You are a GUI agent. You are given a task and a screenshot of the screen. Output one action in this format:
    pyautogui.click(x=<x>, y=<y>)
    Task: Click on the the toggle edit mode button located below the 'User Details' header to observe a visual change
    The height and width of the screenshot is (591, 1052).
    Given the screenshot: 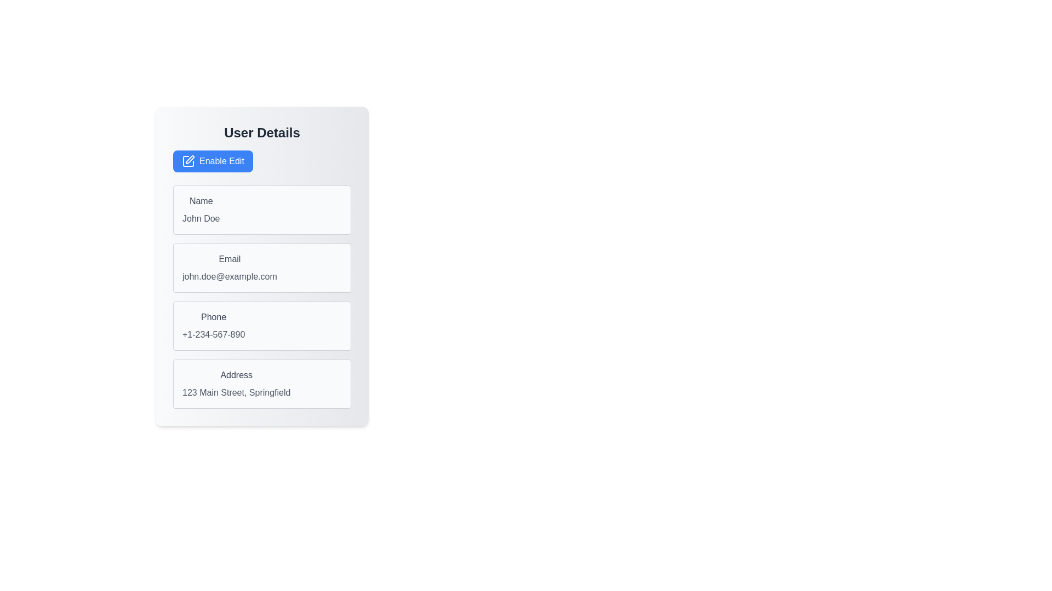 What is the action you would take?
    pyautogui.click(x=213, y=161)
    